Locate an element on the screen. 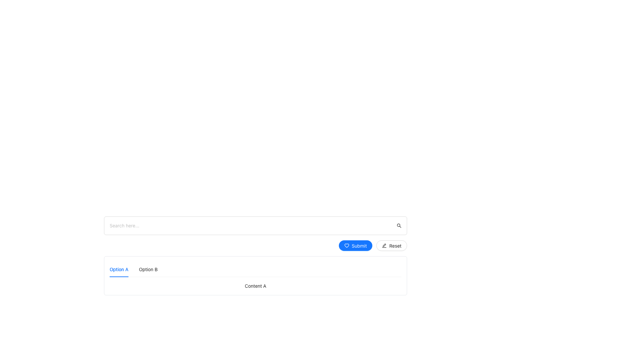  the button labeled by the text label that triggers a submission action, located as the first button on the right of a horizontal list of actions below a search bar is located at coordinates (359, 245).